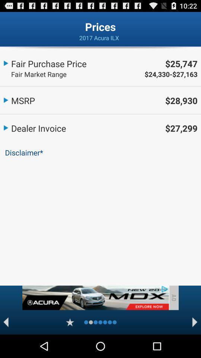 This screenshot has width=201, height=358. I want to click on star rating, so click(70, 322).